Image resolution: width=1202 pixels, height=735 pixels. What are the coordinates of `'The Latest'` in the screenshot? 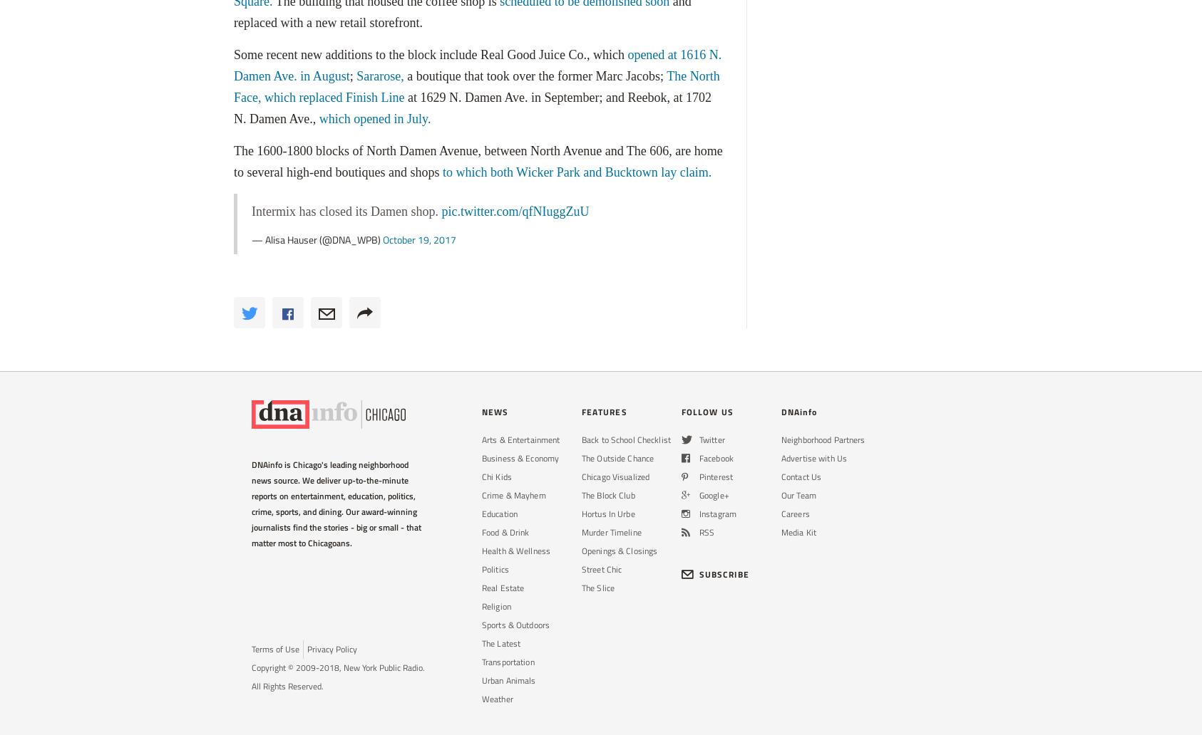 It's located at (481, 643).